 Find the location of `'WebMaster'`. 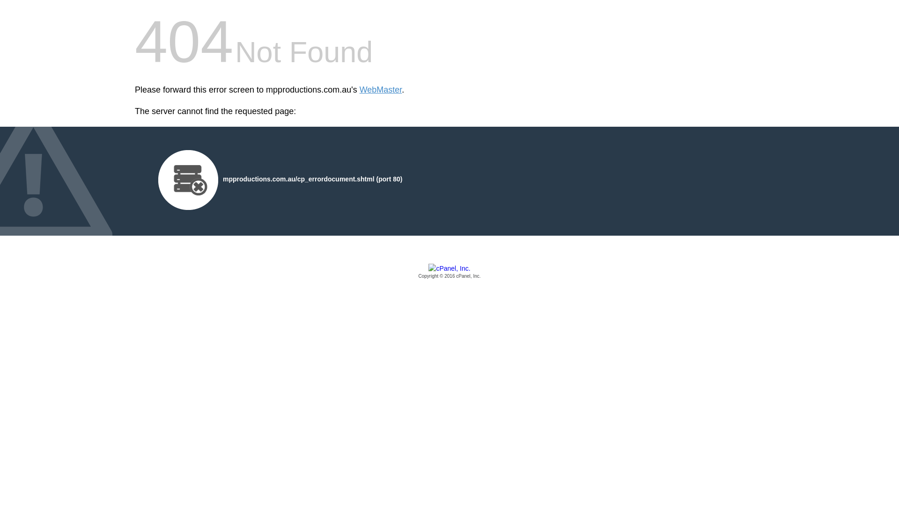

'WebMaster' is located at coordinates (381, 90).